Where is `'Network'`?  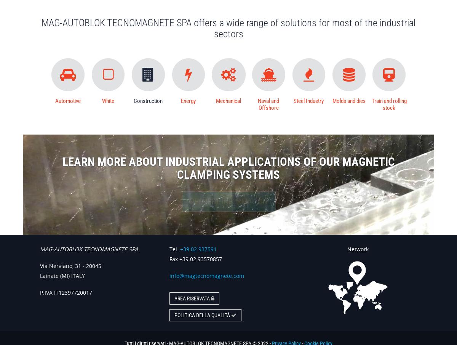
'Network' is located at coordinates (347, 248).